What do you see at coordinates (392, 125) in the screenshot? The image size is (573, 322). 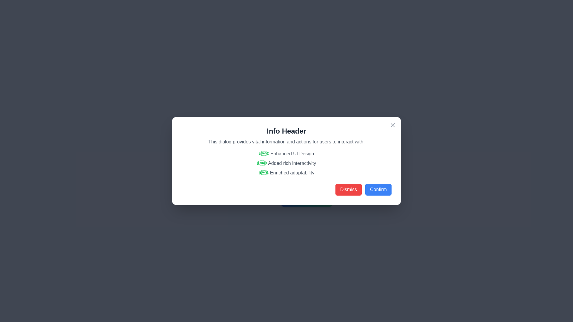 I see `the 'X' shaped button in the top-right corner of the 'Info Header' dialog box to change its color` at bounding box center [392, 125].